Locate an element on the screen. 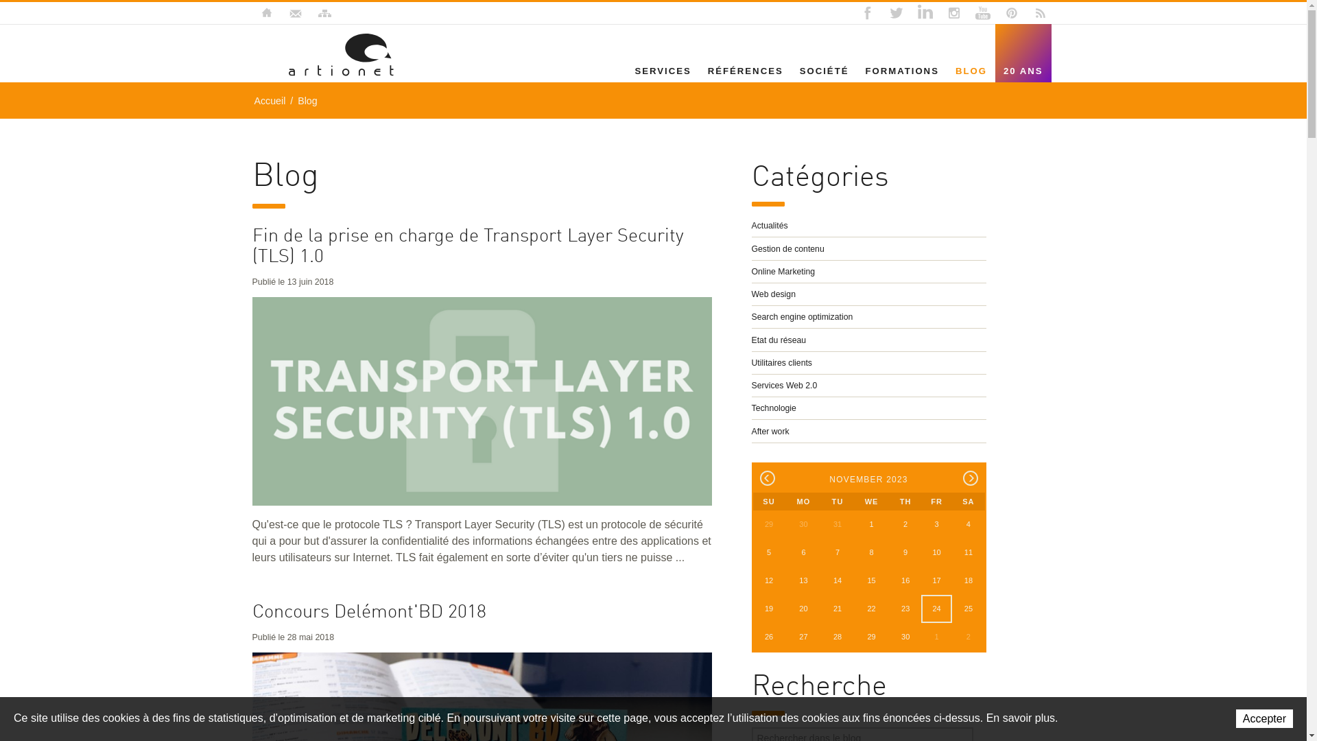 This screenshot has height=741, width=1317. 'Instagram' is located at coordinates (953, 13).